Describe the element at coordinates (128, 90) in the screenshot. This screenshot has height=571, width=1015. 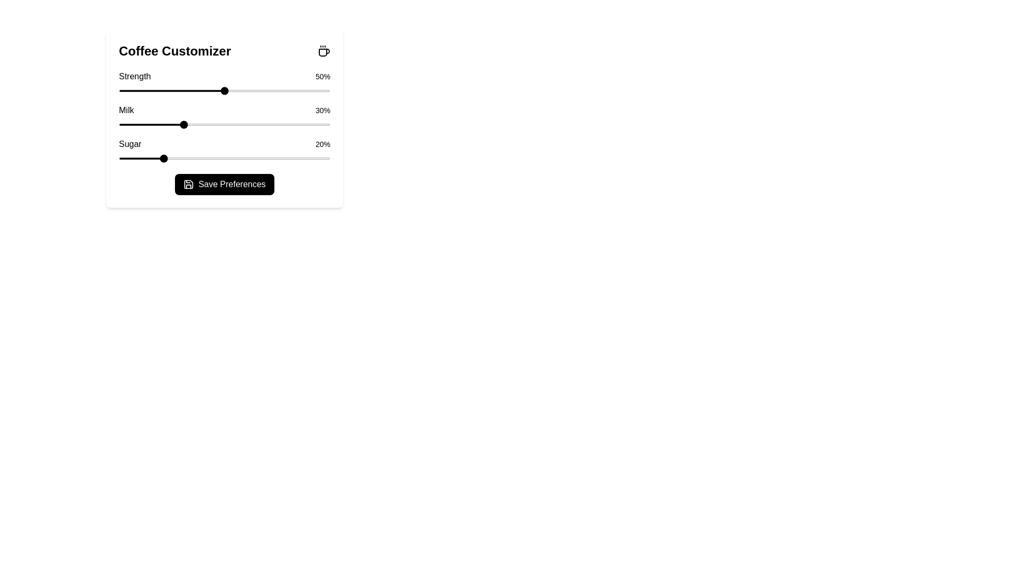
I see `the strength slider` at that location.